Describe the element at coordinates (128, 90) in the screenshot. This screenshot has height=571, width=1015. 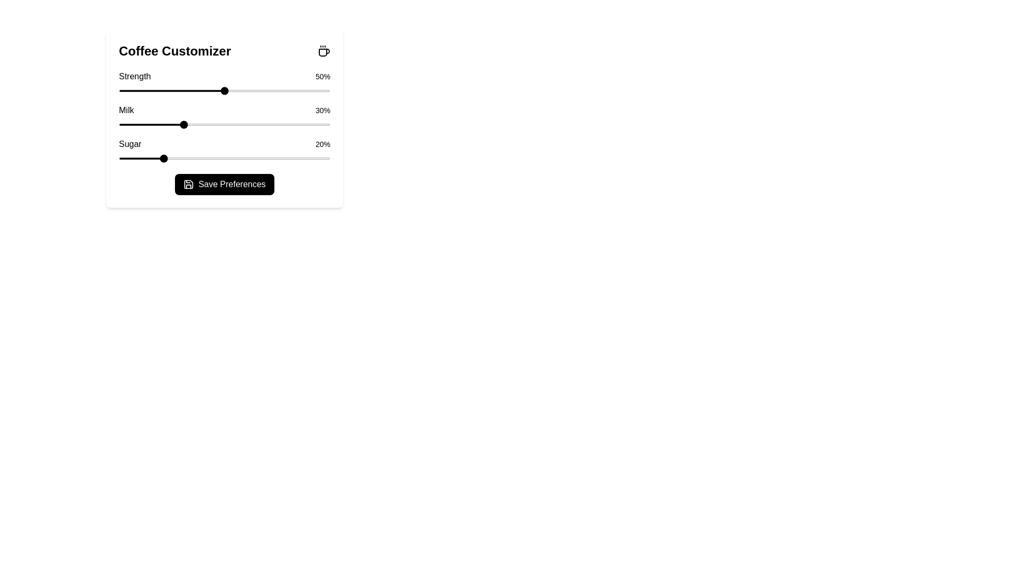
I see `the strength slider` at that location.